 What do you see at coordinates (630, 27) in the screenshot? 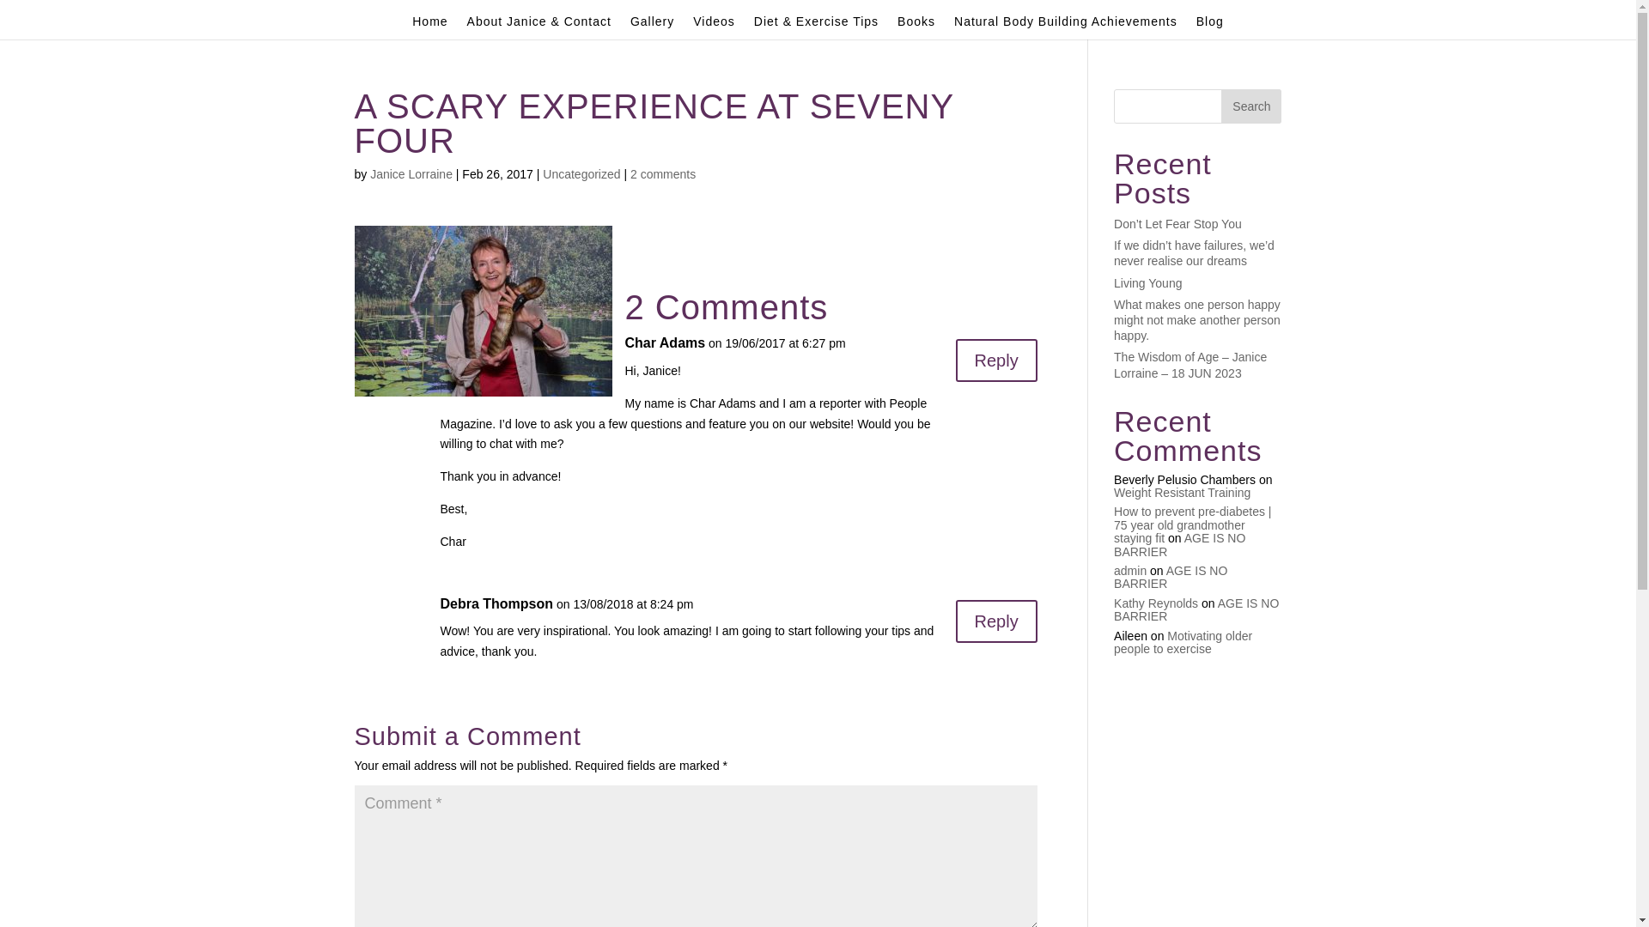
I see `'Gallery'` at bounding box center [630, 27].